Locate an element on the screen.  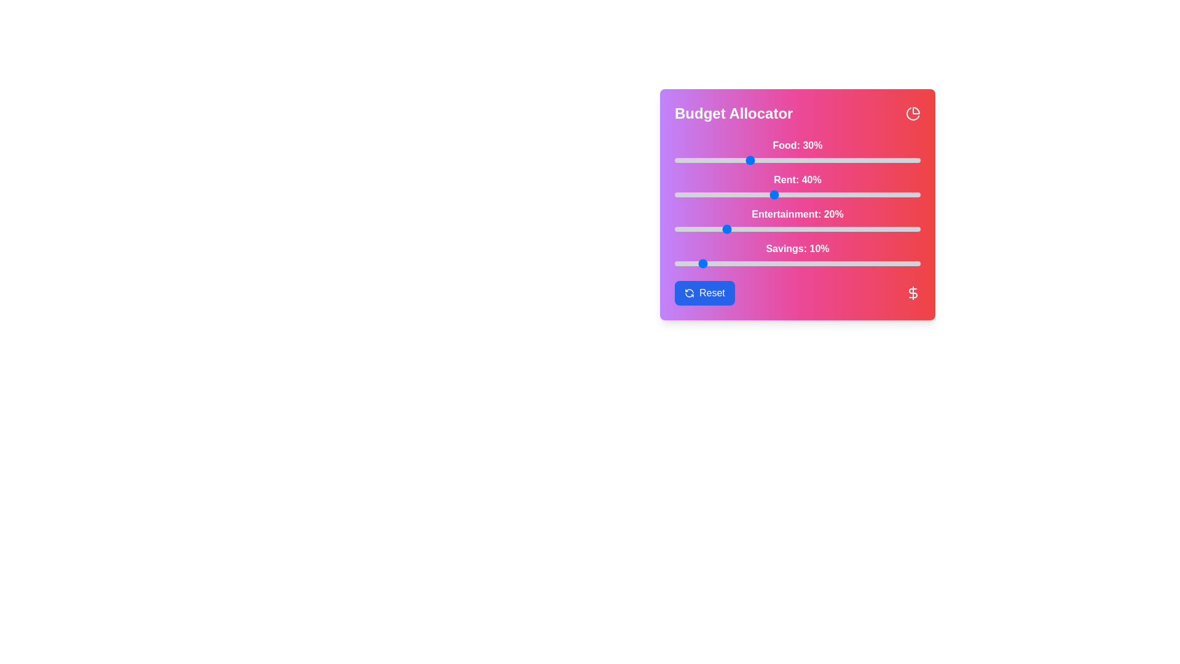
the savings percentage is located at coordinates (750, 263).